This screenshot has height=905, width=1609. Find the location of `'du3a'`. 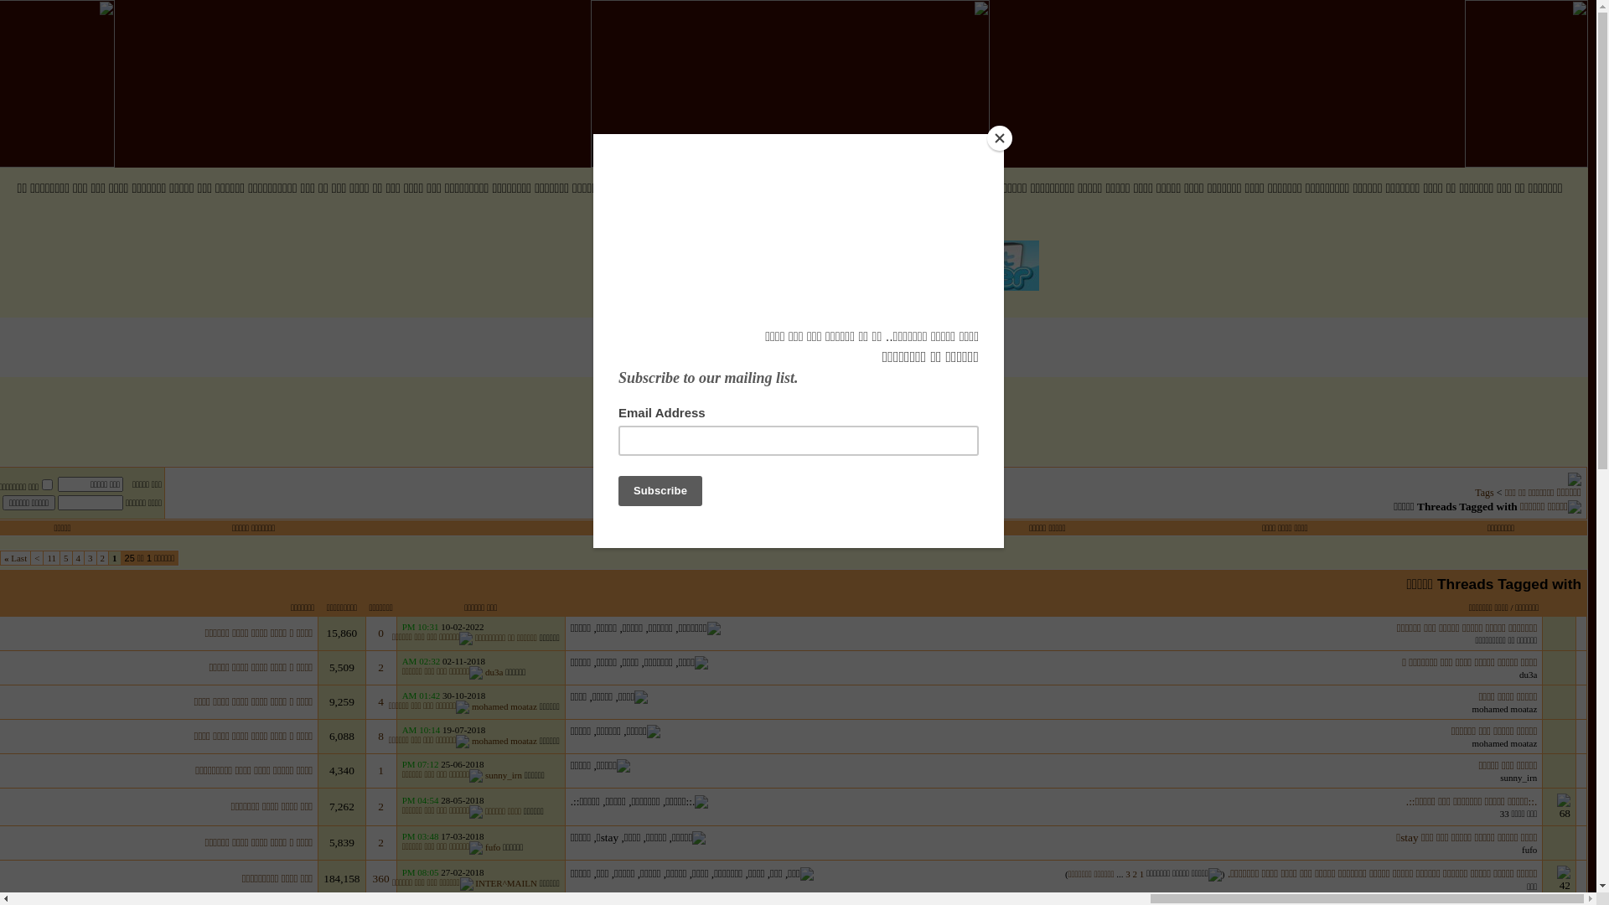

'du3a' is located at coordinates (1519, 674).